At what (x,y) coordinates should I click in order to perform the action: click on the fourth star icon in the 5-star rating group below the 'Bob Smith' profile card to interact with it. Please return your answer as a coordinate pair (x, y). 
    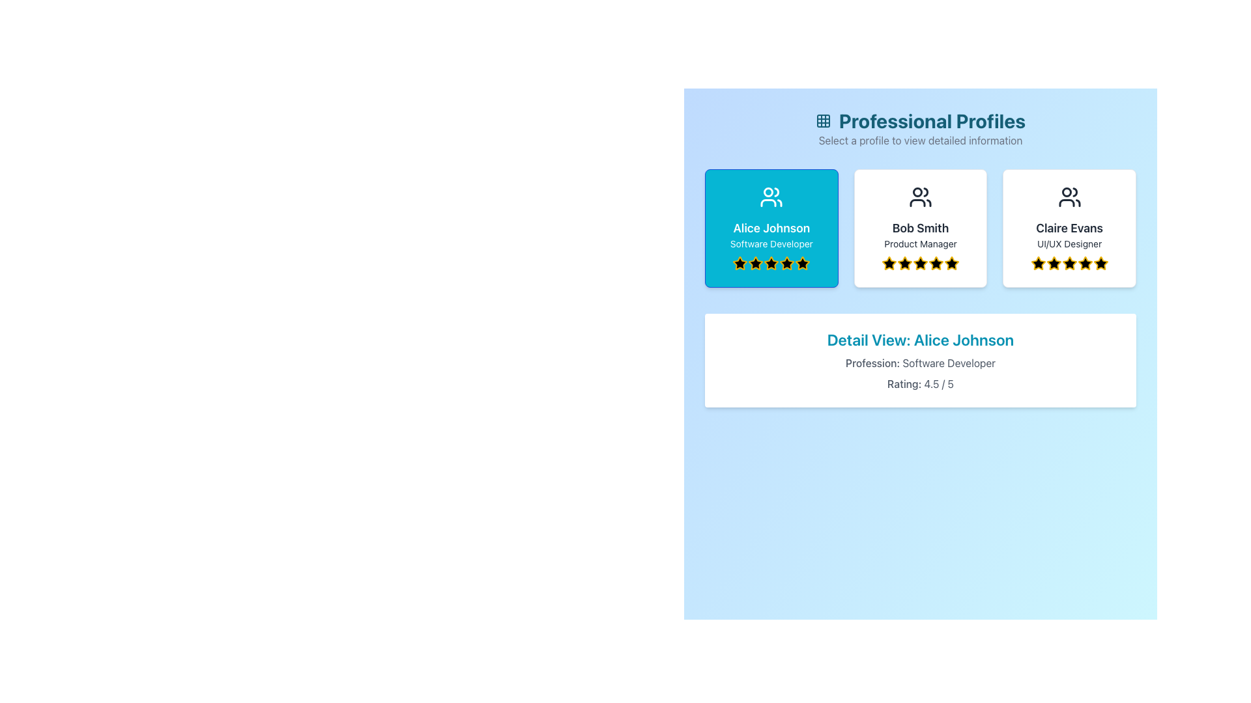
    Looking at the image, I should click on (903, 263).